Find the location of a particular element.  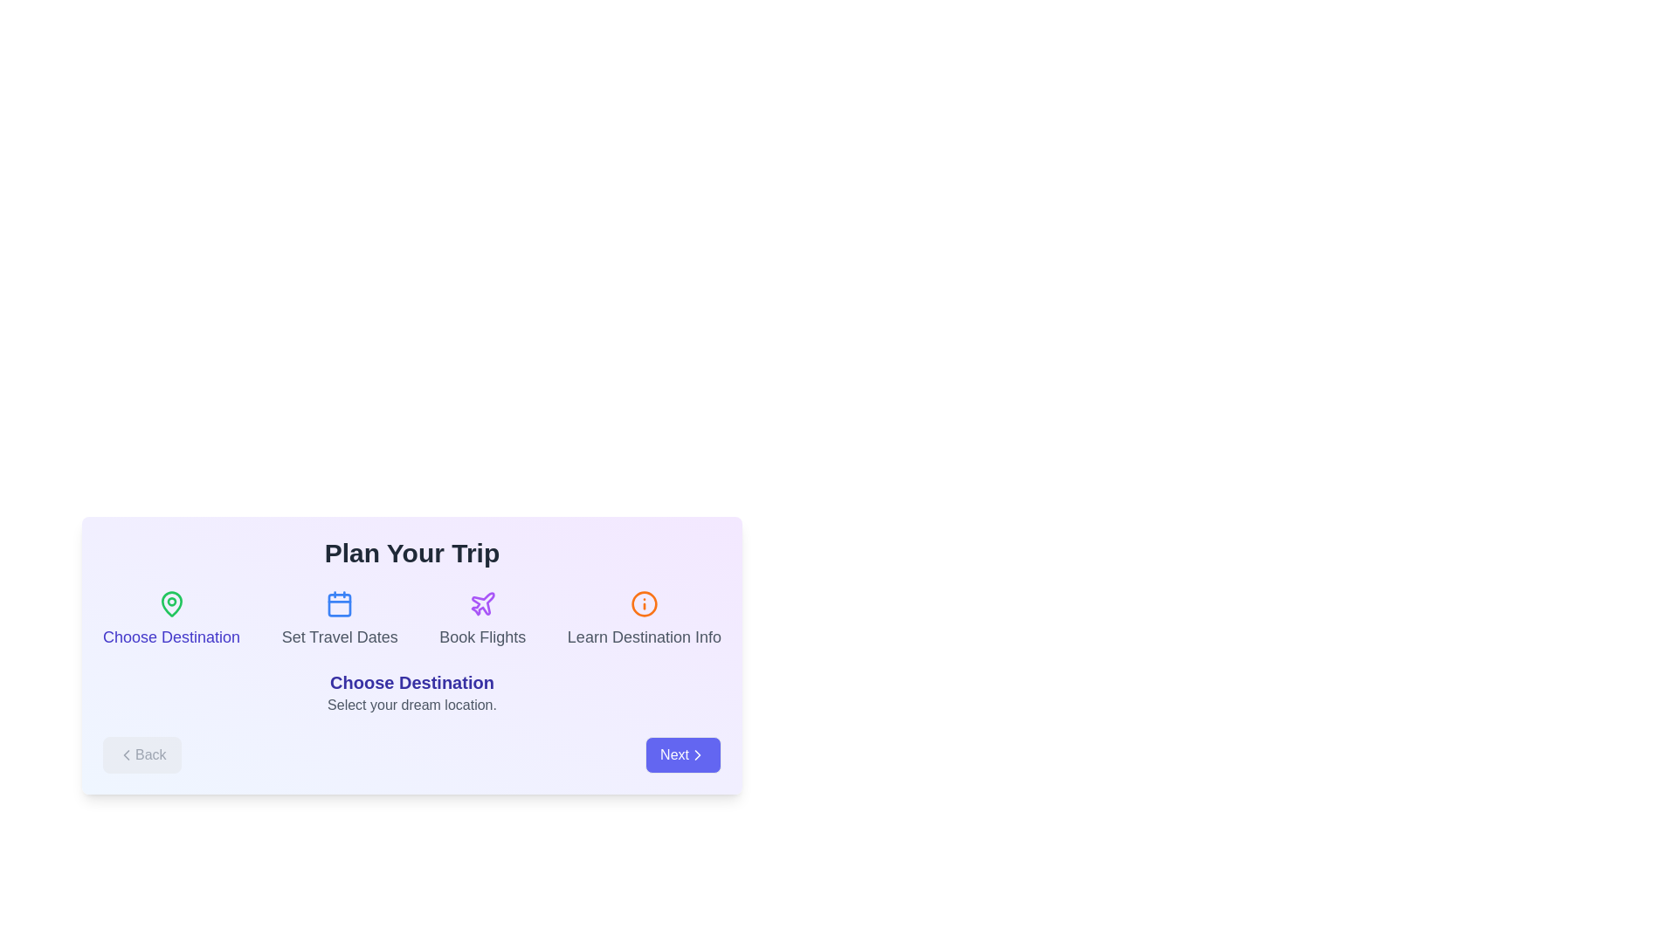

the bold purple airplane icon in the 'Plan Your Trip' section is located at coordinates (482, 602).